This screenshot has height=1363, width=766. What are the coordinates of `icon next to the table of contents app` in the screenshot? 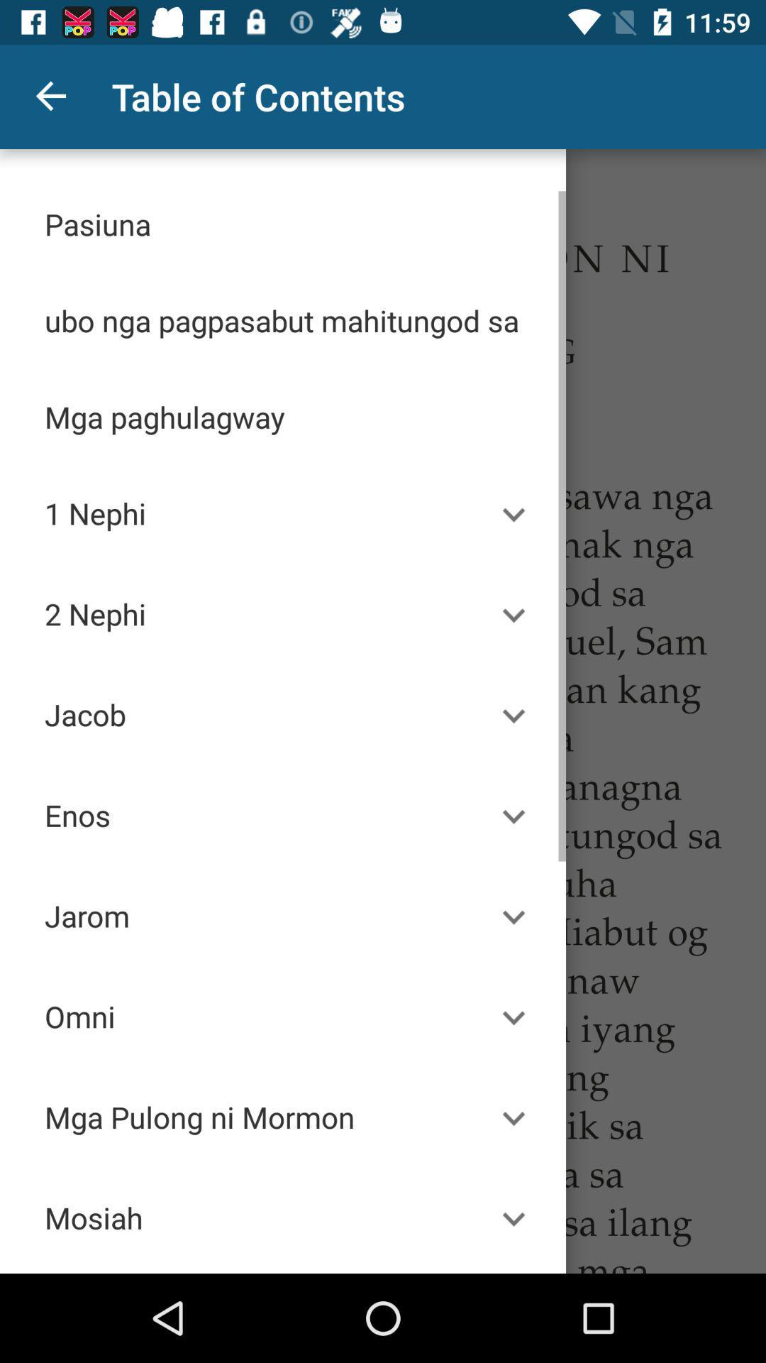 It's located at (51, 96).